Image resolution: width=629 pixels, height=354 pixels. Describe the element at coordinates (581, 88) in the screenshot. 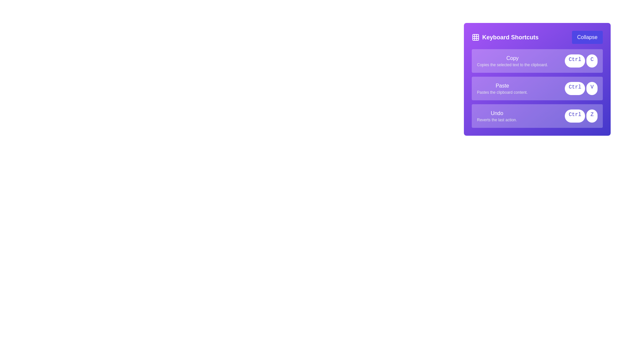

I see `the Keyboard Shortcut Indicator, which consists of two rounded rectangular buttons labeled 'Ctrl' and 'V', with a white background and indigo text, located on the right side of the 'Paste' action item in the keyboard shortcuts panel` at that location.